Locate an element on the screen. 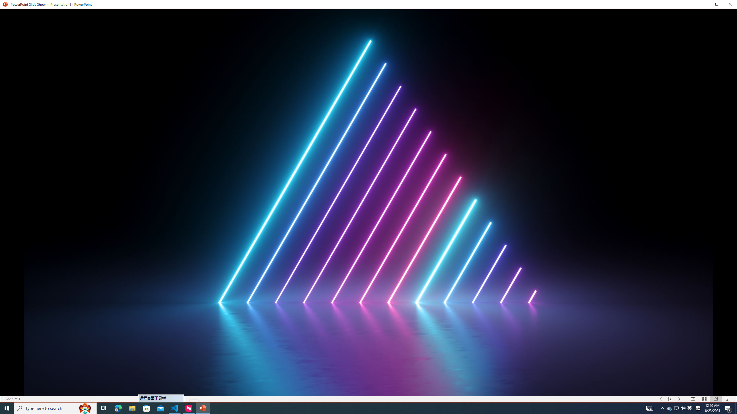 The width and height of the screenshot is (737, 414). 'Close' is located at coordinates (731, 5).